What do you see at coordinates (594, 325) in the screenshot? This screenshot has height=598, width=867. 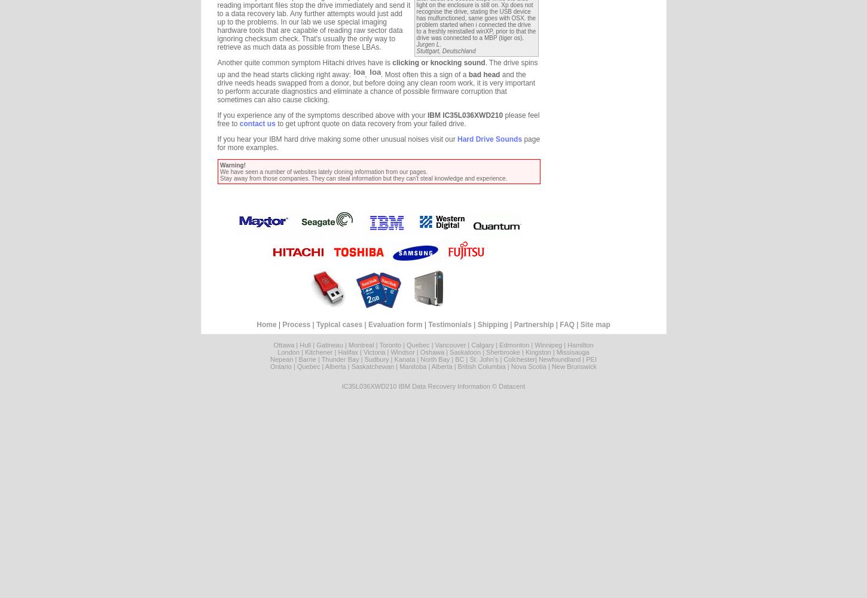 I see `'Site map'` at bounding box center [594, 325].